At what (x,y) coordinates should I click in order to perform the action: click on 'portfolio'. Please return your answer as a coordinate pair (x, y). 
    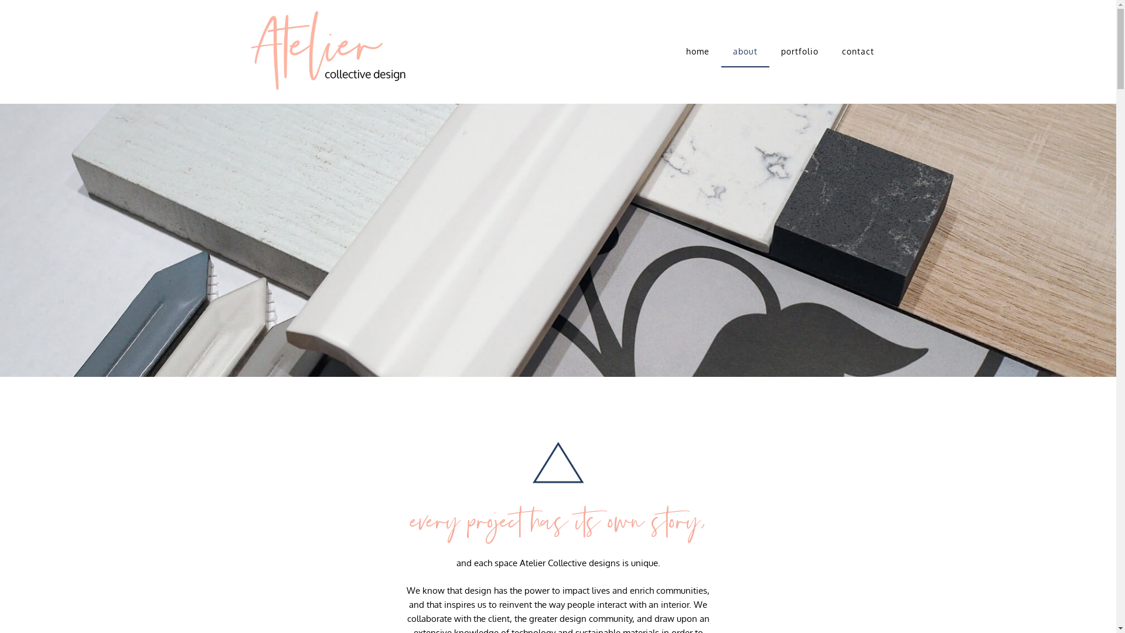
    Looking at the image, I should click on (799, 51).